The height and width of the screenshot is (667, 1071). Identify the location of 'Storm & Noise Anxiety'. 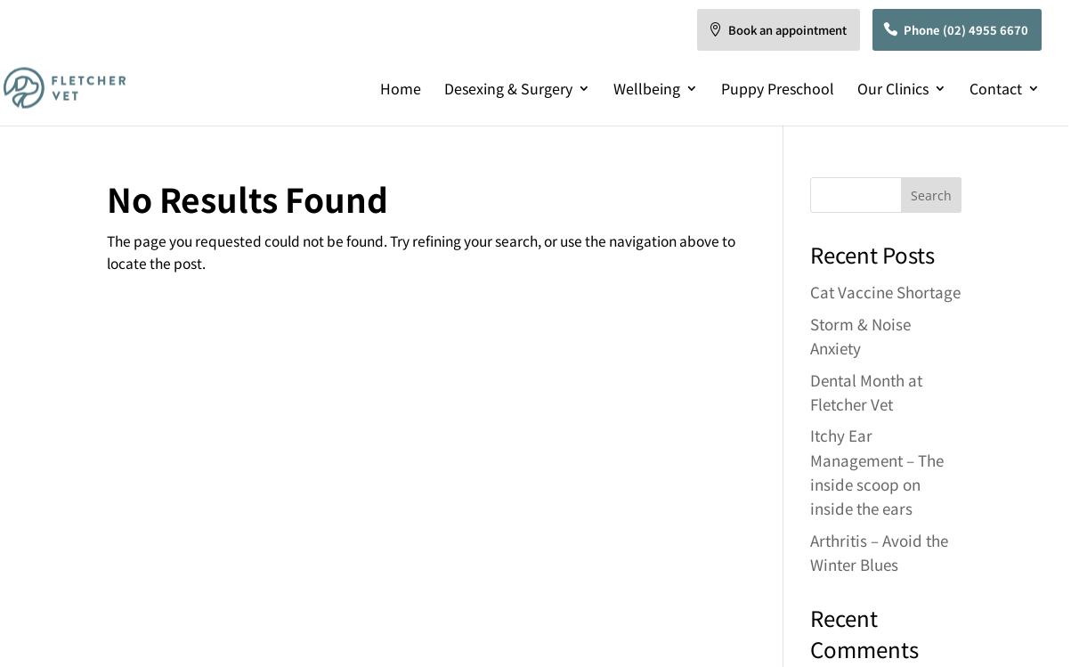
(807, 333).